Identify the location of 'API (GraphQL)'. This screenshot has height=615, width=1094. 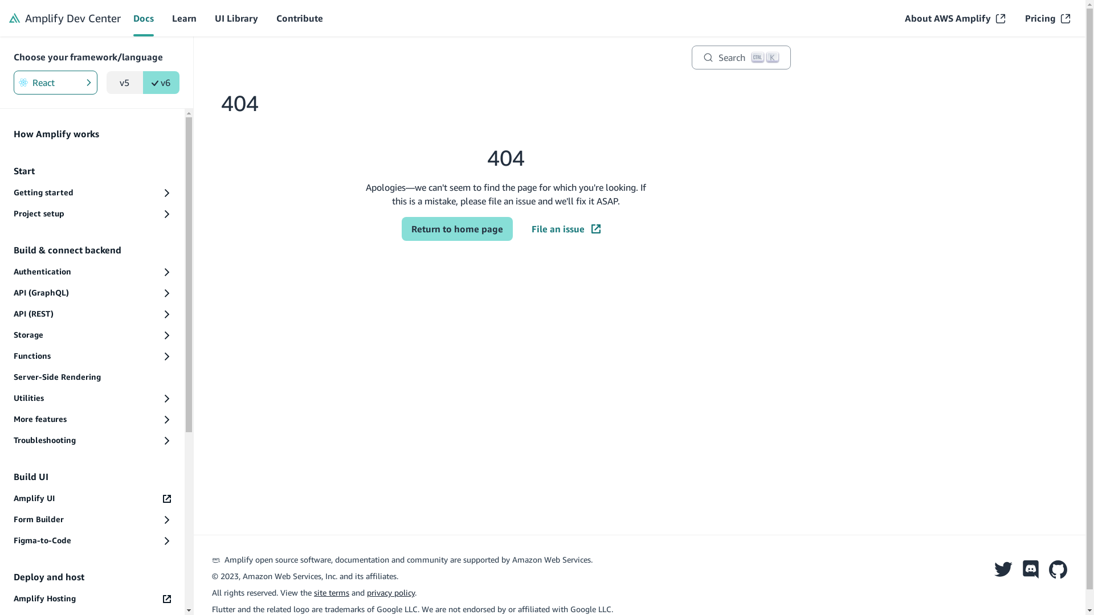
(92, 292).